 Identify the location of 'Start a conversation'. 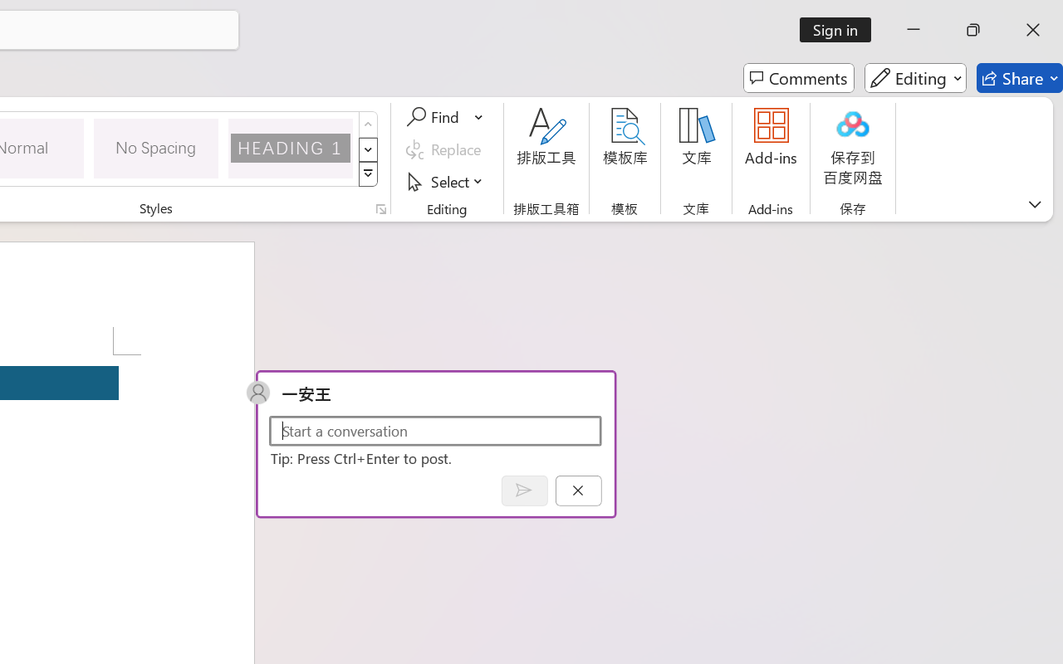
(435, 429).